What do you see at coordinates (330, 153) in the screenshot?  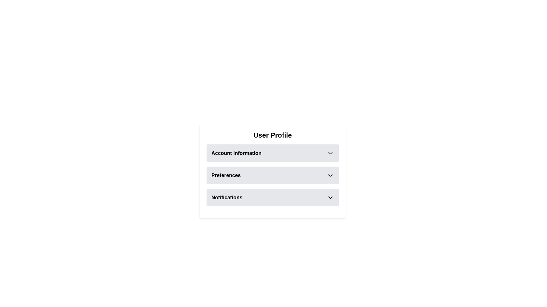 I see `the Dropdown trigger icon located at the far right of the header row for the 'Account Information' section` at bounding box center [330, 153].